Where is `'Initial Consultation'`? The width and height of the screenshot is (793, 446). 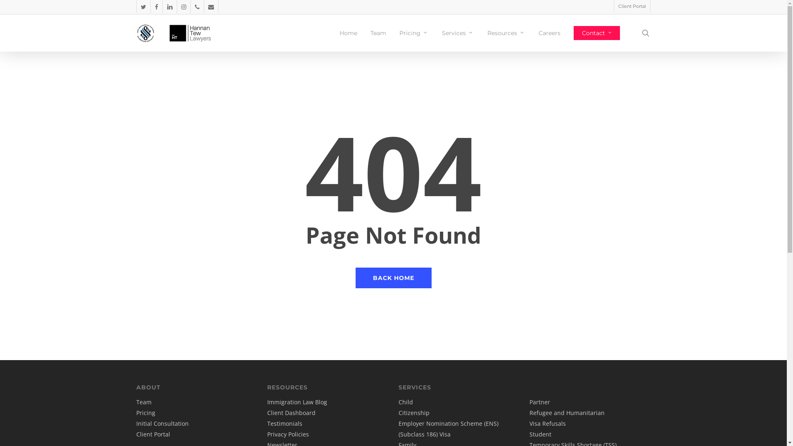
'Initial Consultation' is located at coordinates (136, 423).